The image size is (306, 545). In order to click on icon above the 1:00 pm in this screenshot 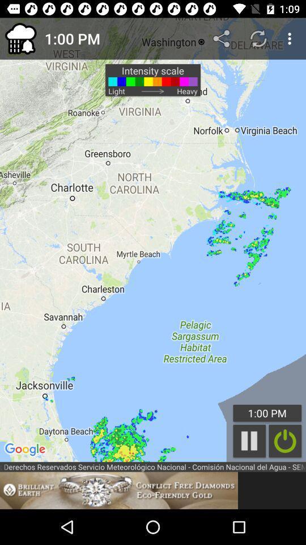, I will do `click(223, 39)`.